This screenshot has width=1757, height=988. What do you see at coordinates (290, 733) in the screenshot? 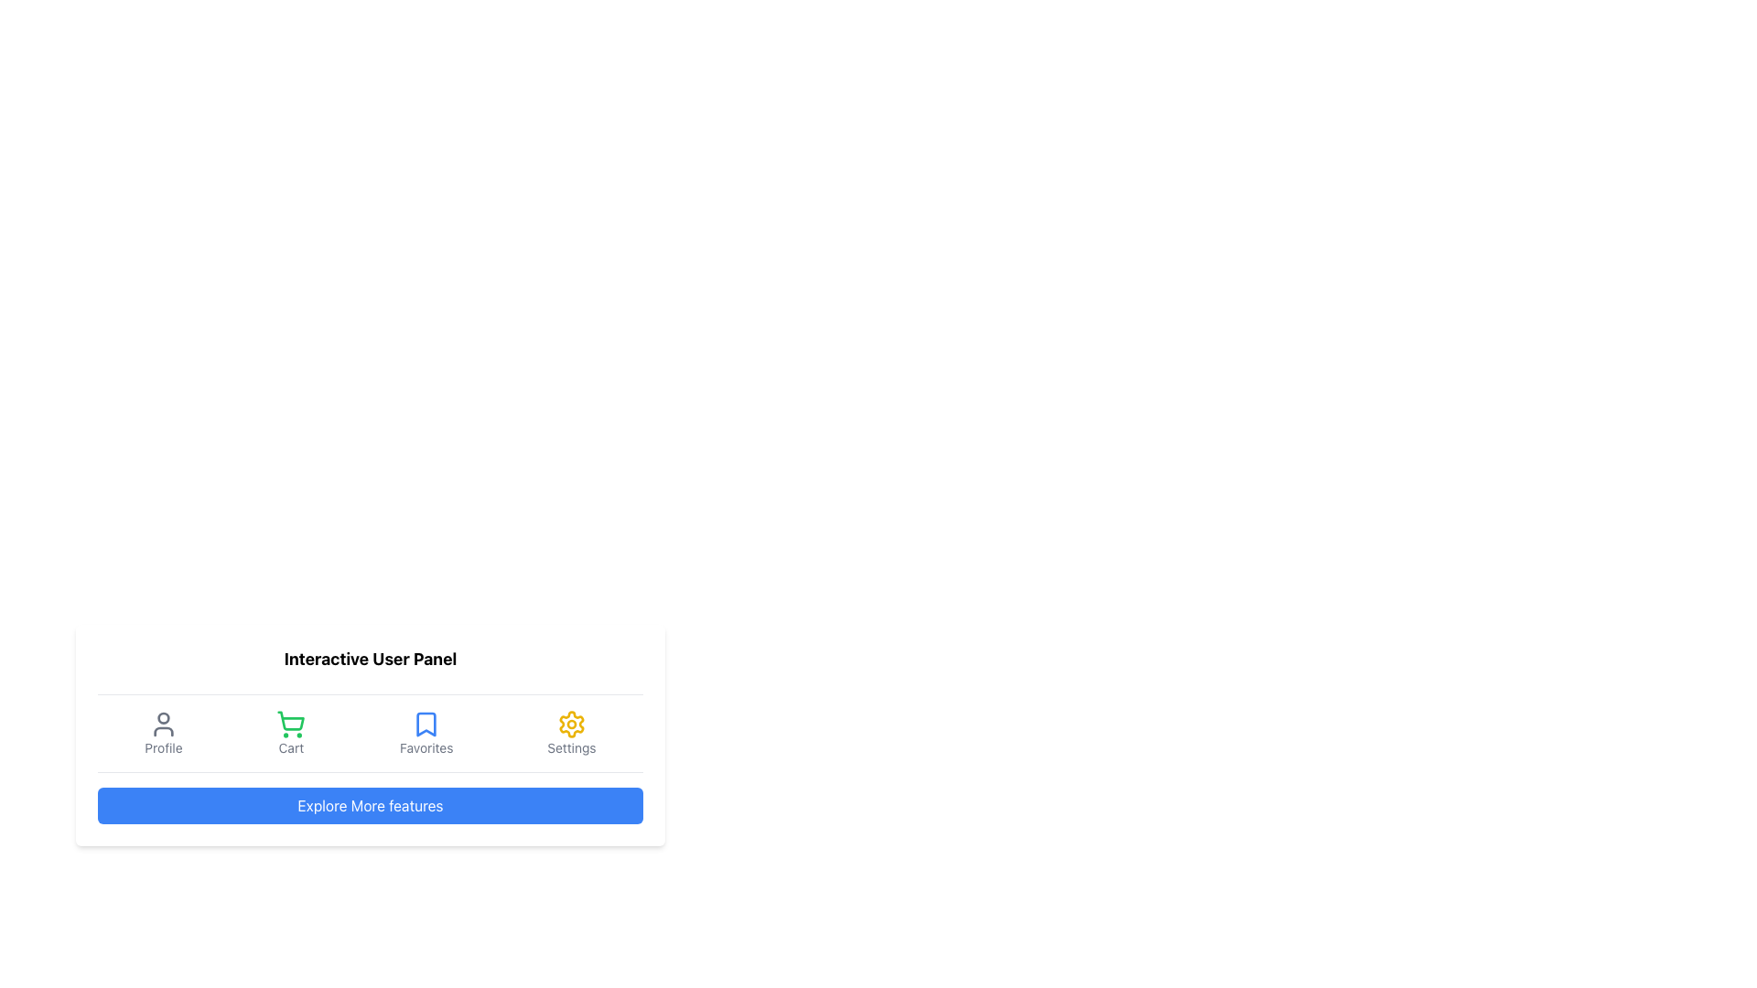
I see `the 'Cart' button, which features a vibrant green shopping cart icon and muted gray text underneath, located as the second item in a horizontal row at the bottom of the main content area` at bounding box center [290, 733].